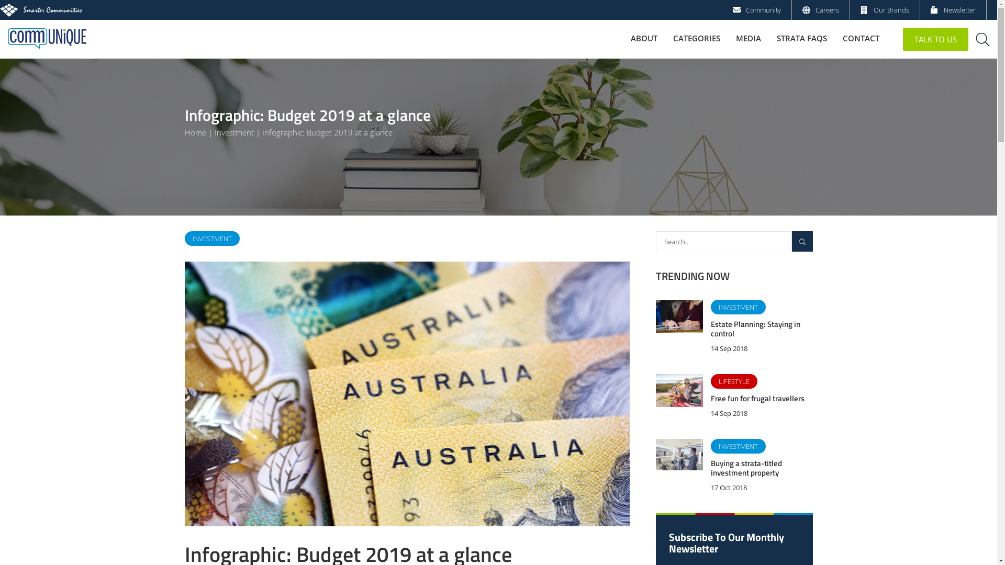 The height and width of the screenshot is (565, 1005). I want to click on 'Careers', so click(815, 10).